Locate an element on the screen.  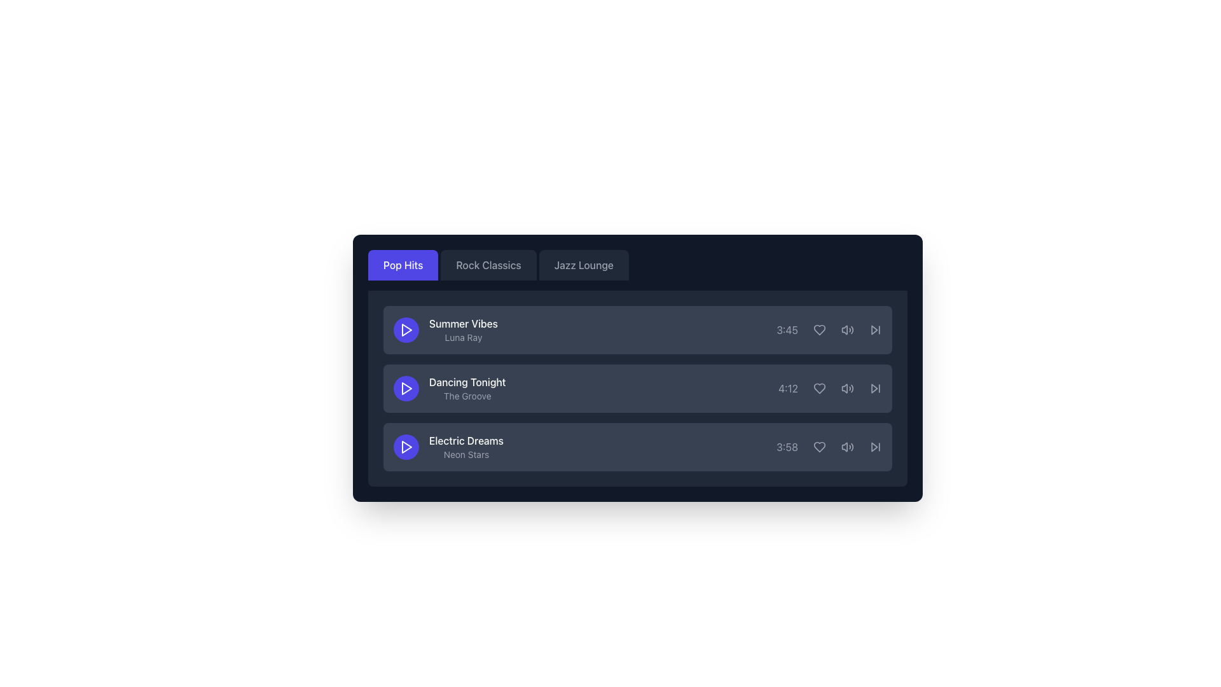
the 'like' or 'favorite' button located in the third item of the song list, positioned to the right of the duration text ('4:12') and left of the sound control icon is located at coordinates (820, 387).